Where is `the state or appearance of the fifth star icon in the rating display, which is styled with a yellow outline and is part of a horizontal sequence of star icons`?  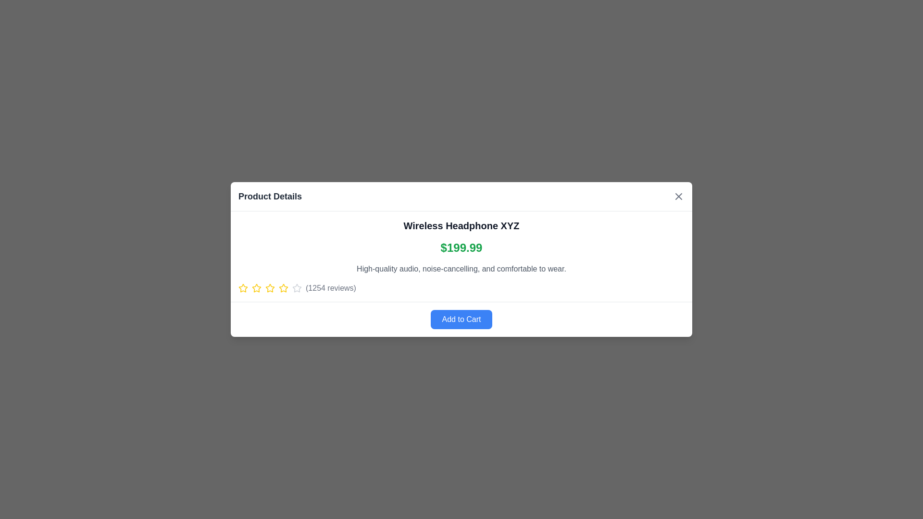 the state or appearance of the fifth star icon in the rating display, which is styled with a yellow outline and is part of a horizontal sequence of star icons is located at coordinates (283, 288).